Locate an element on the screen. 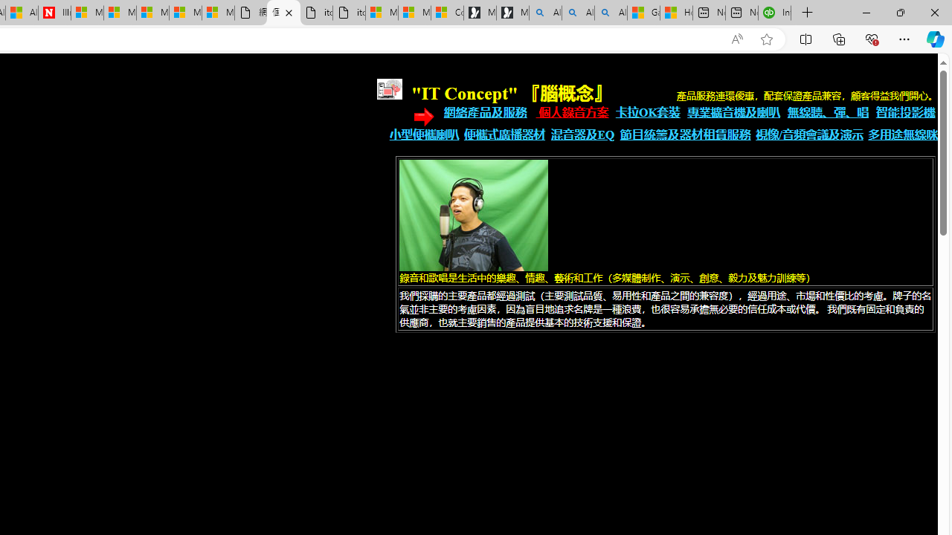  'itconcepthk.com/projector_solutions.mp4' is located at coordinates (348, 13).